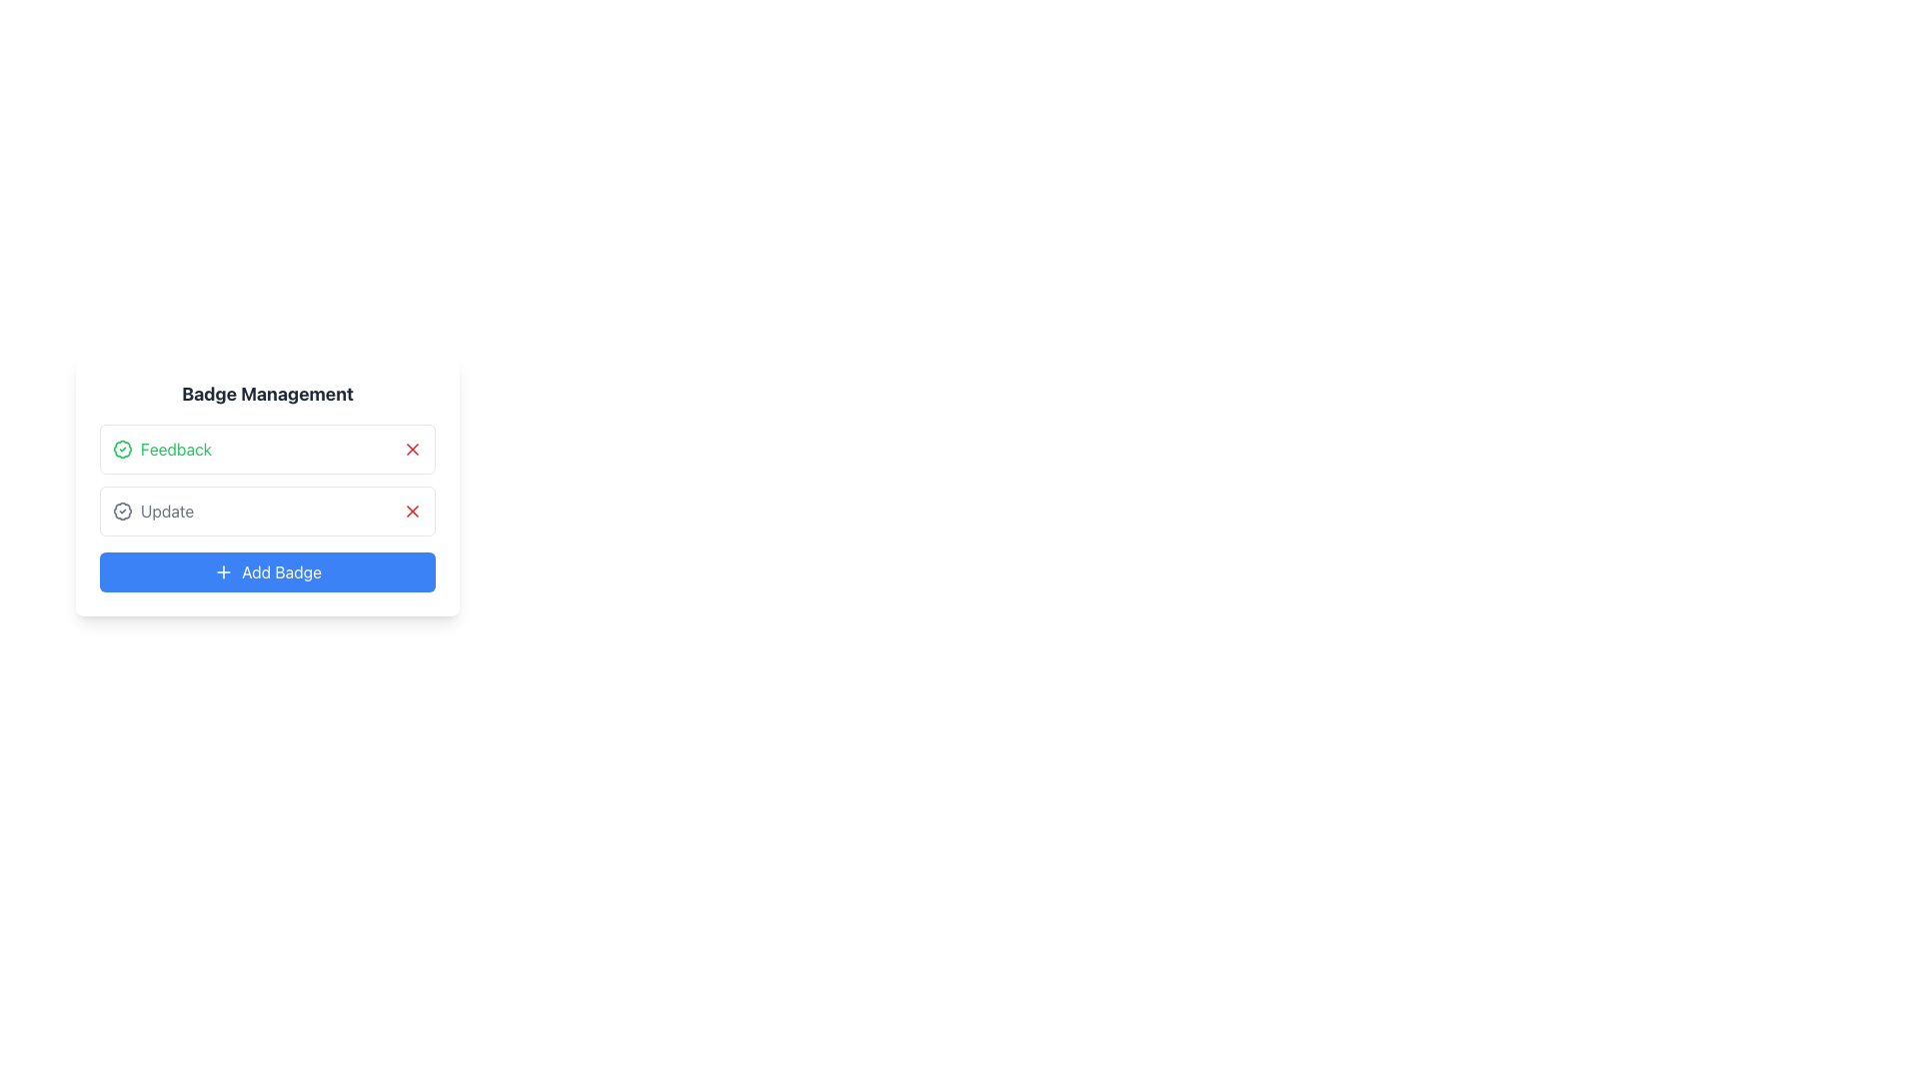  Describe the element at coordinates (267, 572) in the screenshot. I see `the 'Add Badge' button, which is rectangular with rounded corners, blue background, white centered text, and a '+' icon to the left, located in the 'Badge Management' section` at that location.